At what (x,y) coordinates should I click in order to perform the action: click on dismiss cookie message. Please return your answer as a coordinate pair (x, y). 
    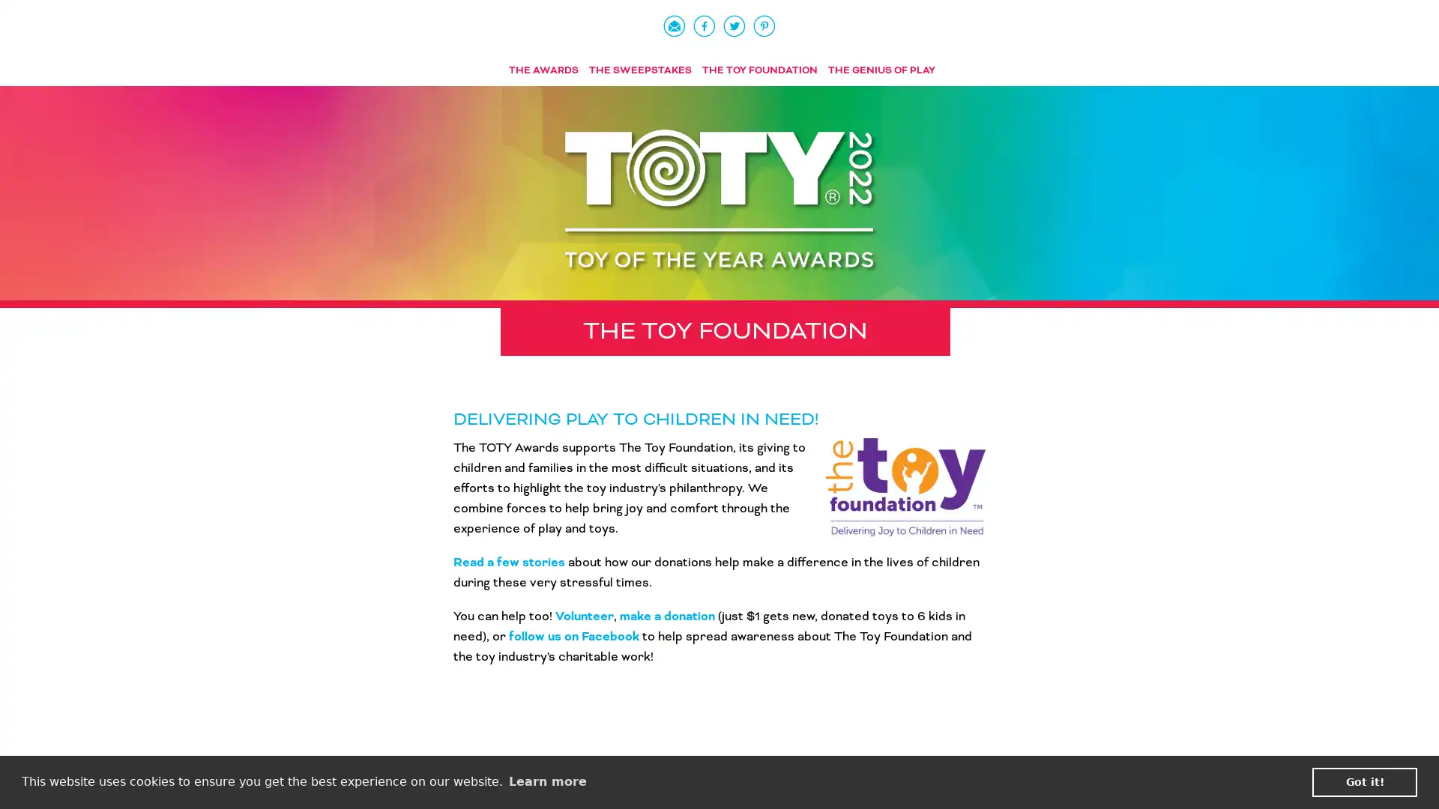
    Looking at the image, I should click on (1364, 781).